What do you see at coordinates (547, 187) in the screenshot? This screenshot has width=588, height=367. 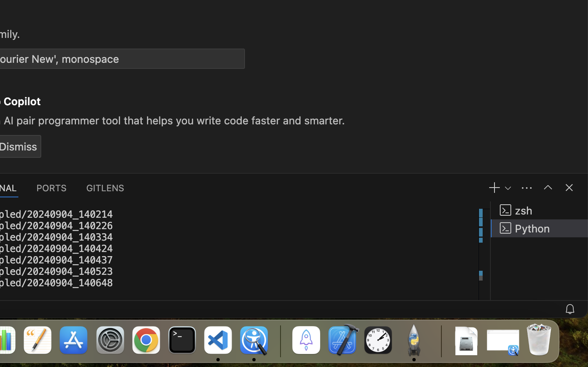 I see `''` at bounding box center [547, 187].